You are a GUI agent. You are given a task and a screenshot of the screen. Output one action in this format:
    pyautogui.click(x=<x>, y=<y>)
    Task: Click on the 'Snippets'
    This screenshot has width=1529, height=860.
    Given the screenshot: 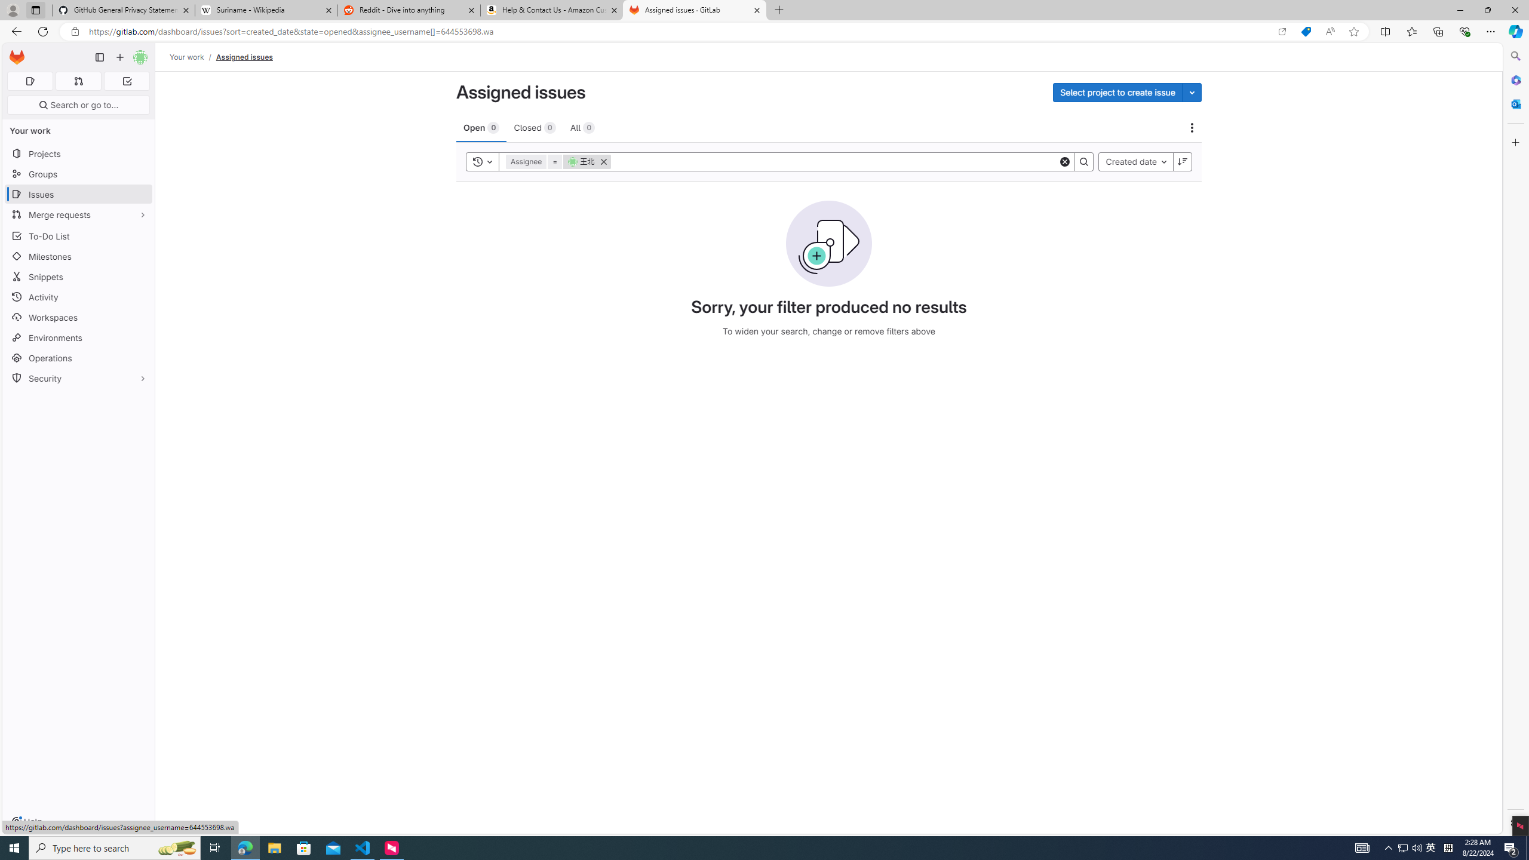 What is the action you would take?
    pyautogui.click(x=78, y=276)
    